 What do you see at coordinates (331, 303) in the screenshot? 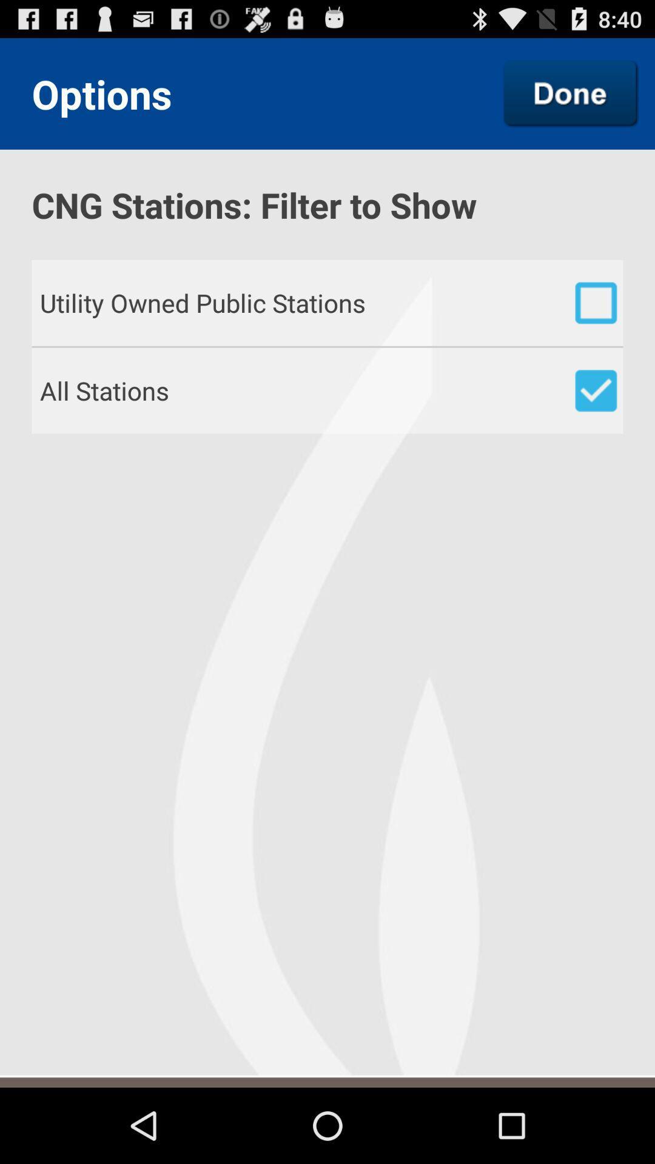
I see `the utility owned public app` at bounding box center [331, 303].